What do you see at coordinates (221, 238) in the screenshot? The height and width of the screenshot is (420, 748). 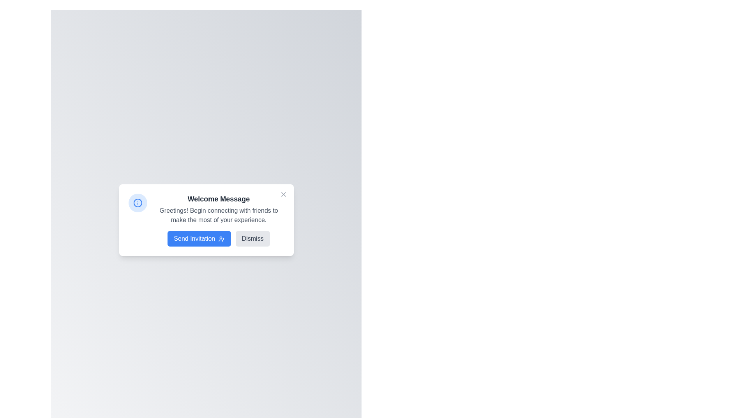 I see `the user profile icon with a plus symbol located on the right end of the 'Send Invitation' button in the dialog box titled 'Welcome Message'` at bounding box center [221, 238].